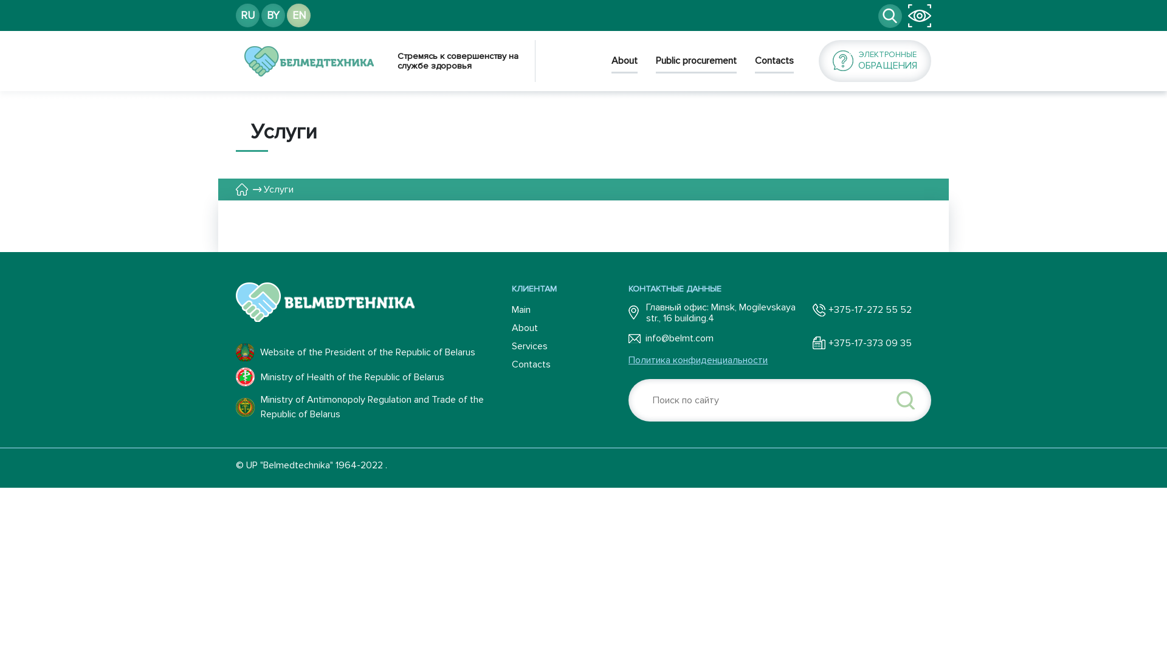  I want to click on 'Ministry of Health of the Republic of Belarus', so click(373, 376).